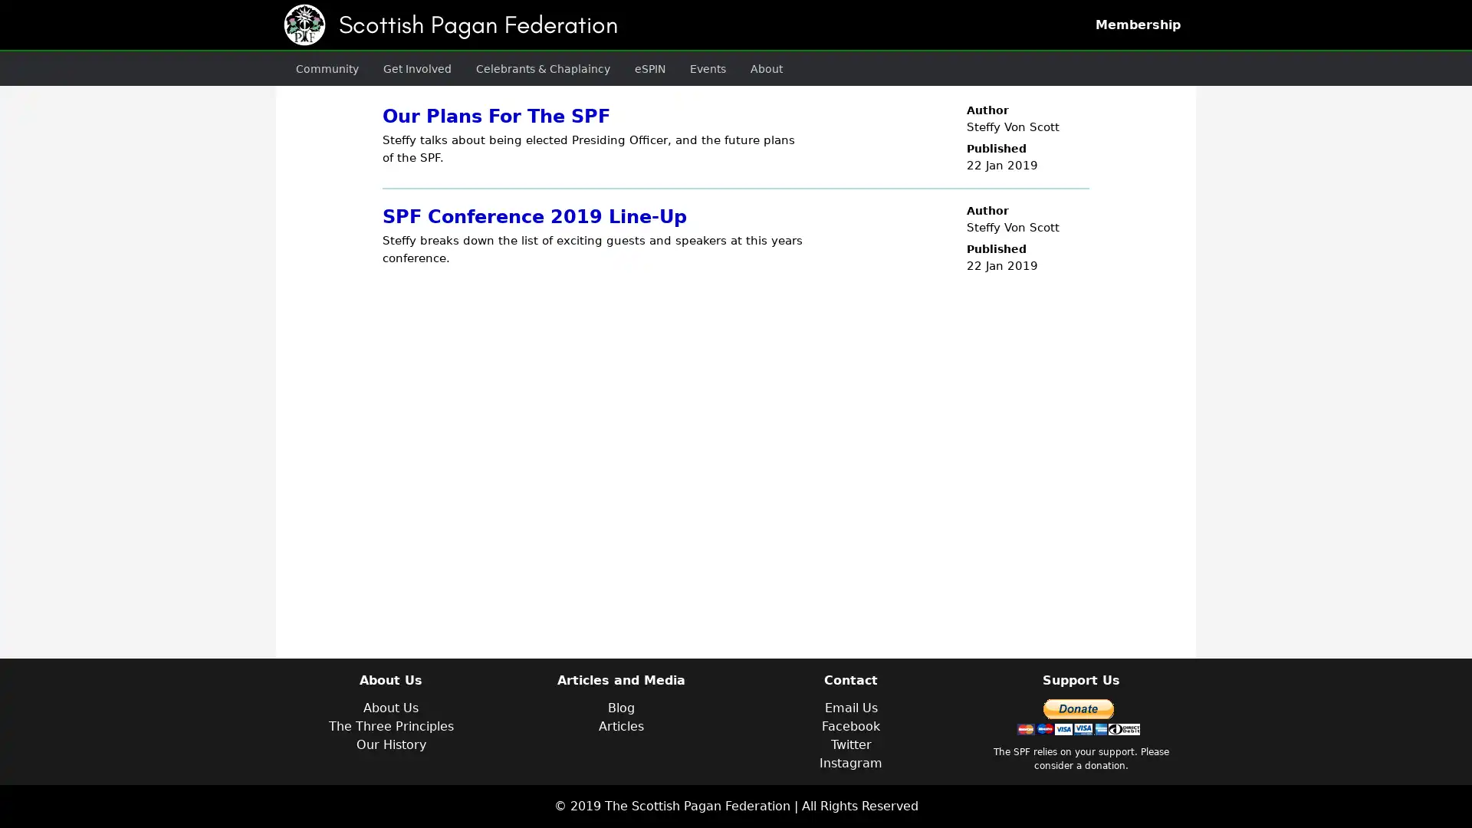 The width and height of the screenshot is (1472, 828). What do you see at coordinates (621, 67) in the screenshot?
I see `eSPIN` at bounding box center [621, 67].